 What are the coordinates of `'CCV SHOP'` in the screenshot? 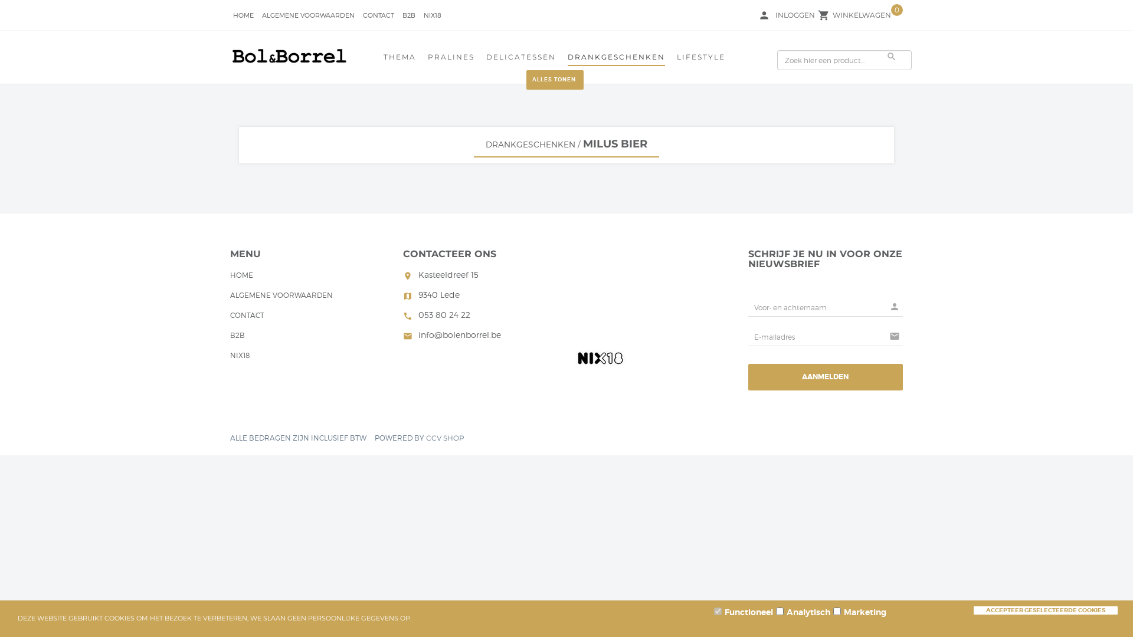 It's located at (425, 438).